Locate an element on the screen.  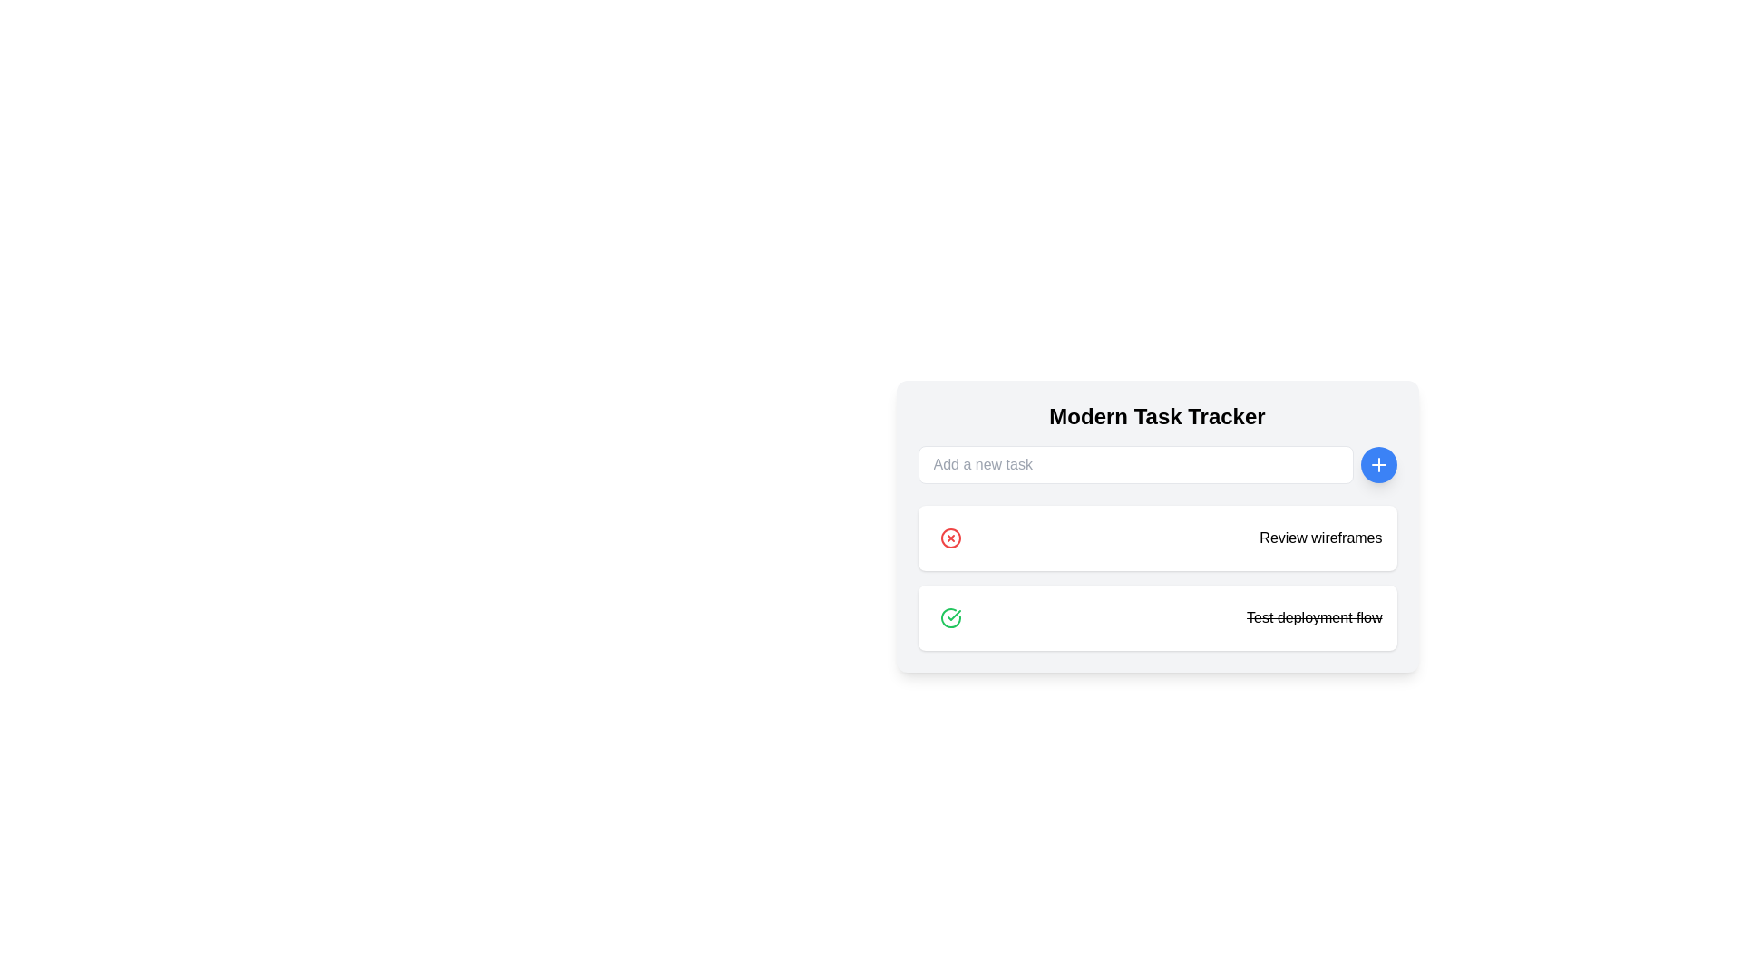
the green checkmark icon representing successful completion in the task list for the 'Test deployment flow' item, located towards the top right of the row is located at coordinates (952, 614).